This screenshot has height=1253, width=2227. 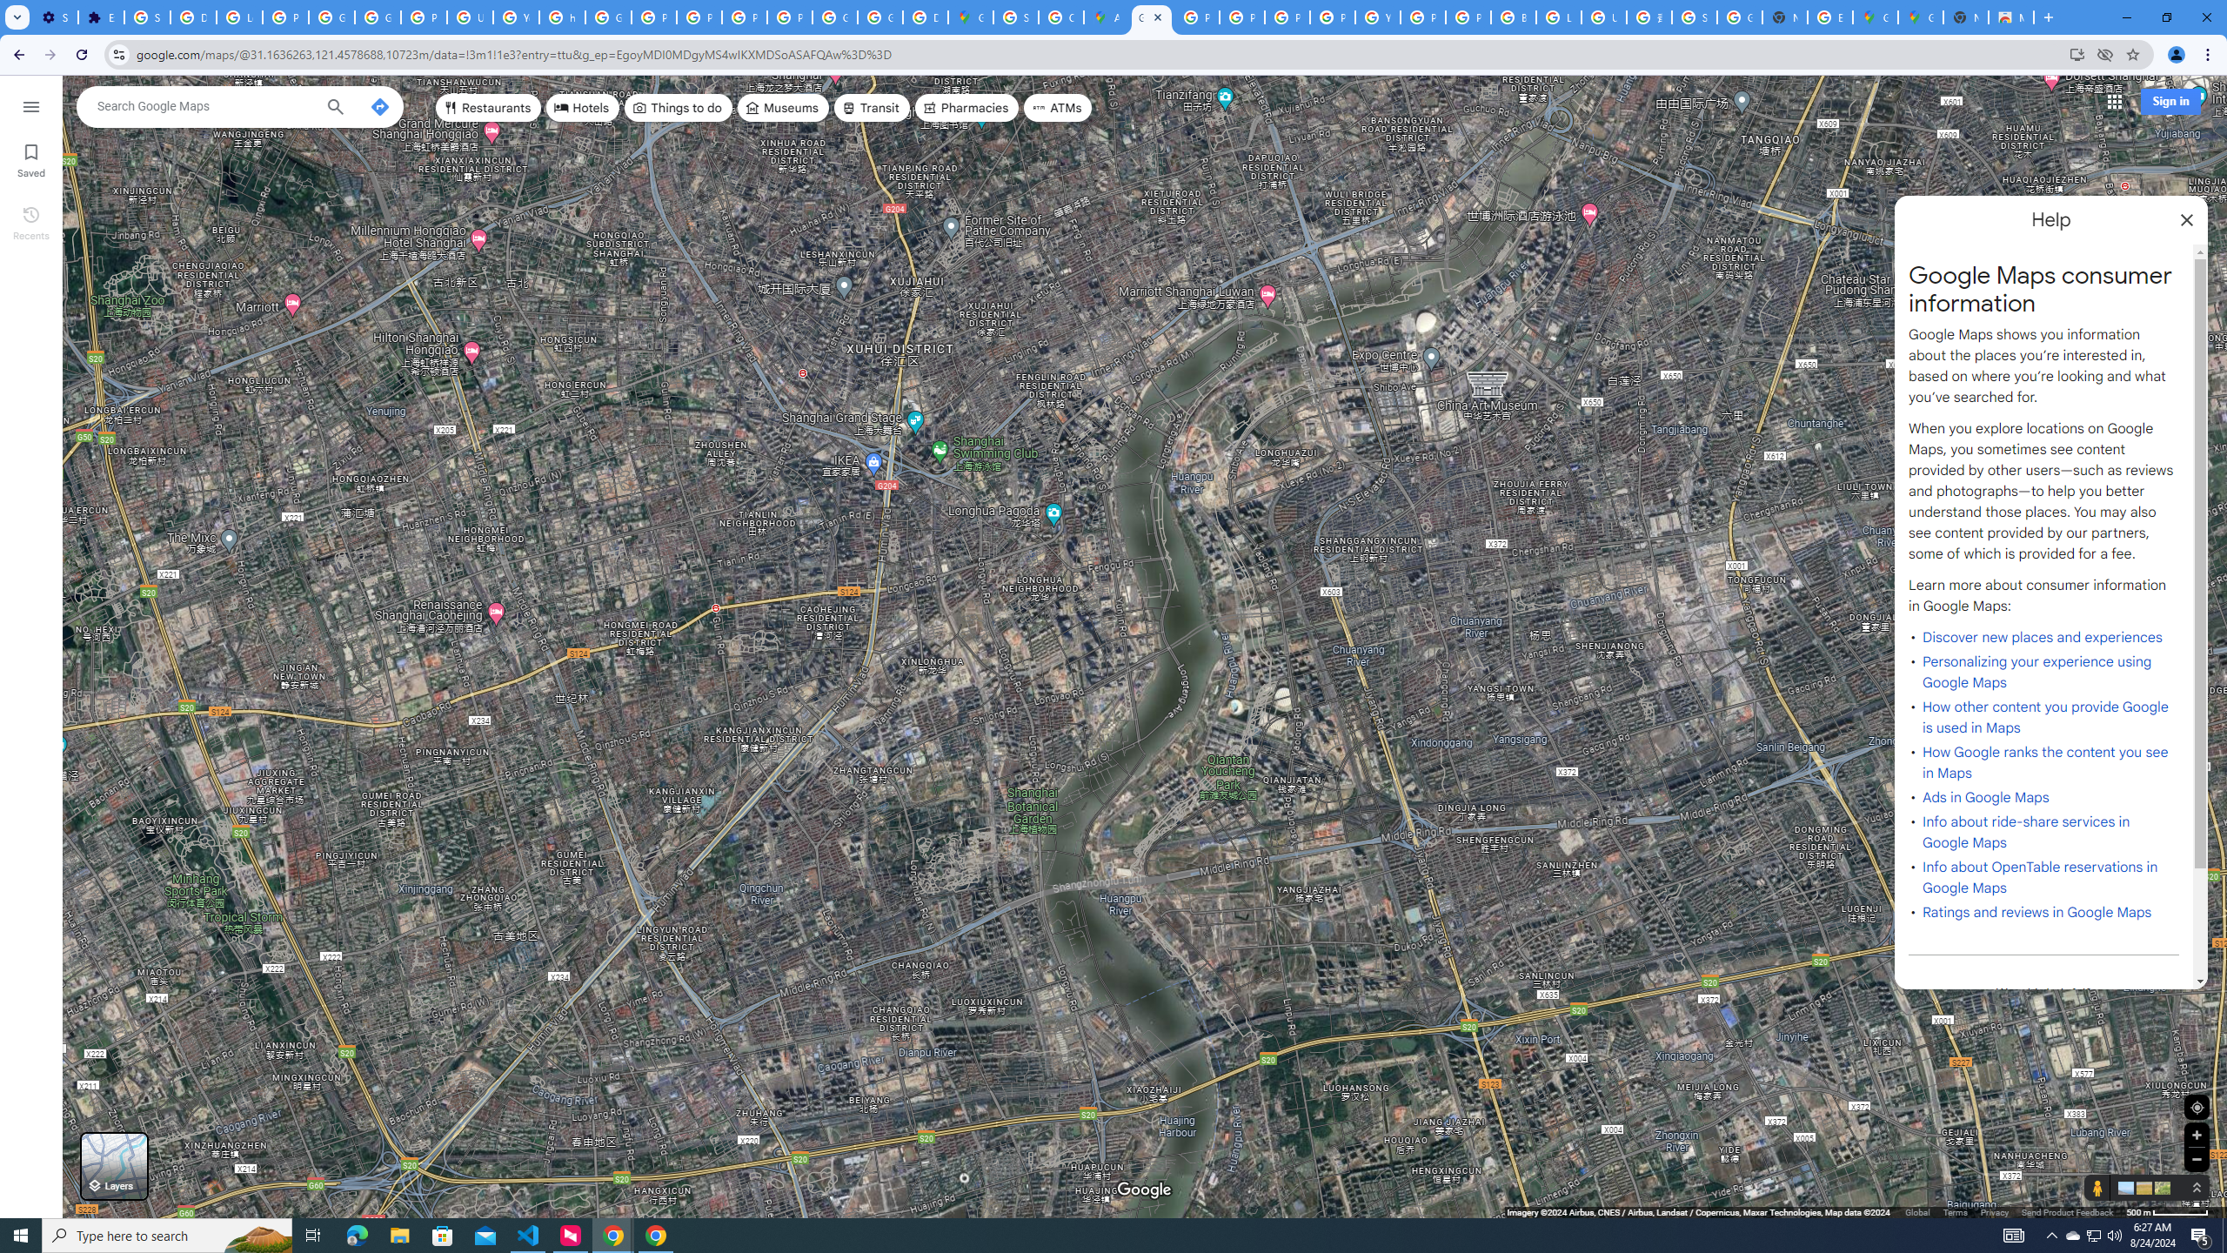 I want to click on 'Show Street View coverage', so click(x=2097, y=1187).